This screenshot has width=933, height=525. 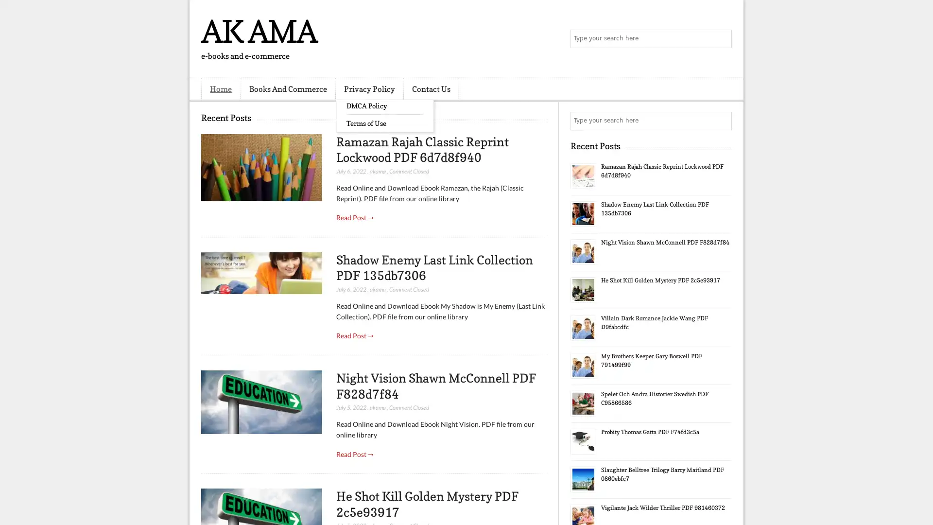 I want to click on Search, so click(x=722, y=121).